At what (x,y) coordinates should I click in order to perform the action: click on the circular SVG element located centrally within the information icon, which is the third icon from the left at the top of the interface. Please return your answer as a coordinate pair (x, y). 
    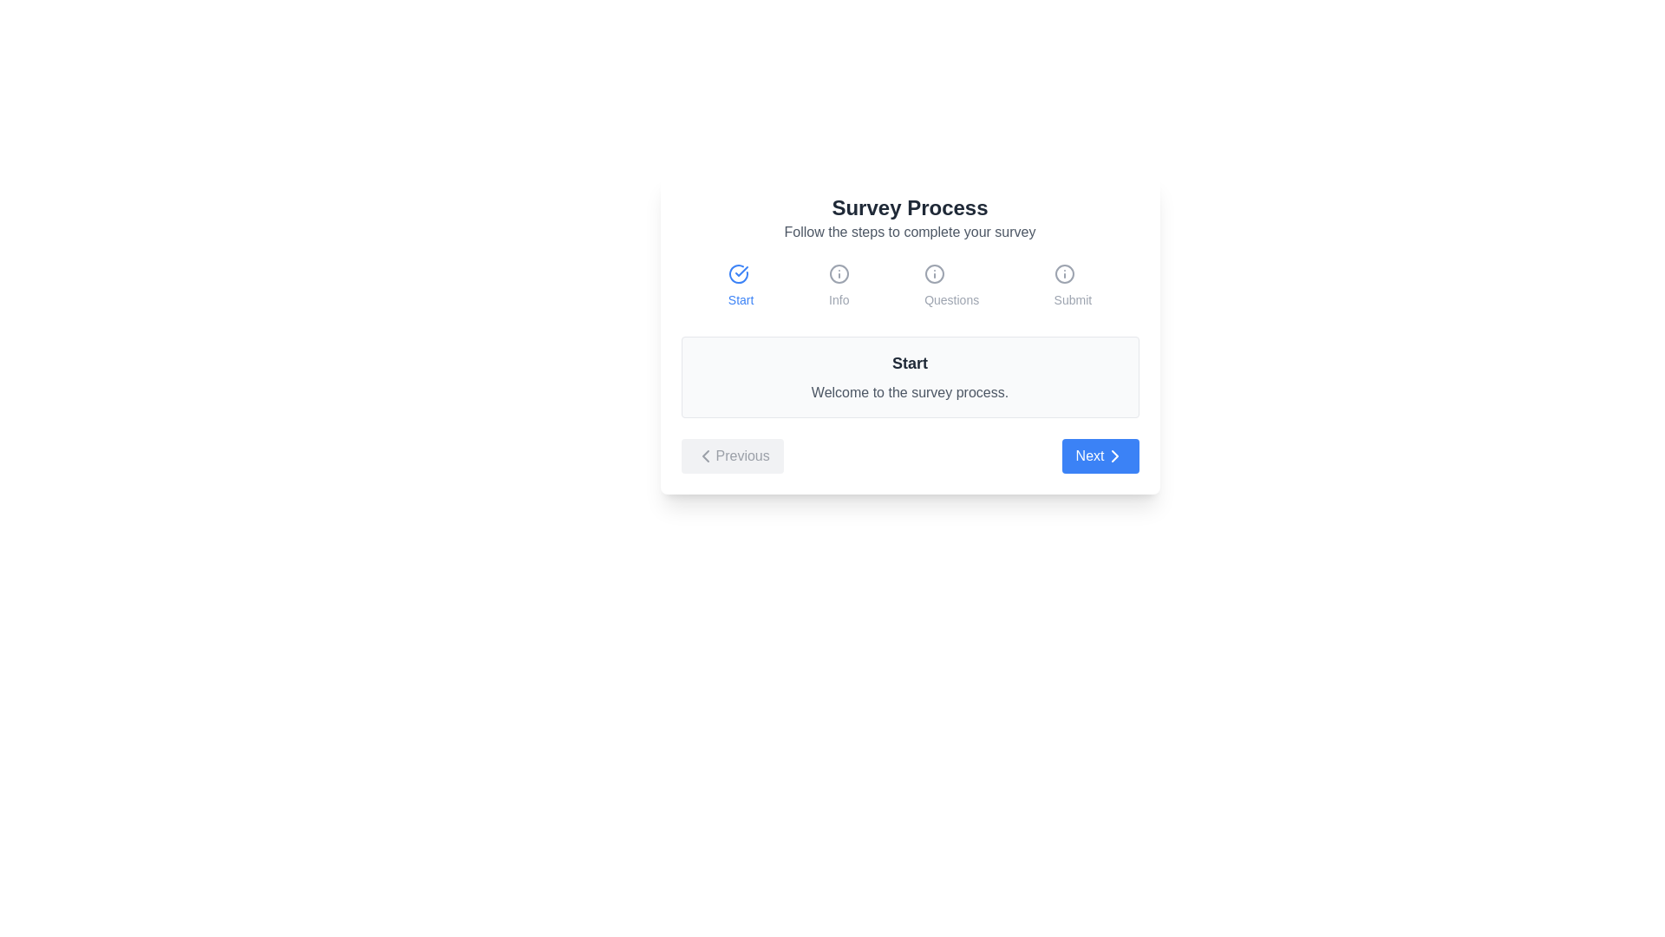
    Looking at the image, I should click on (1063, 273).